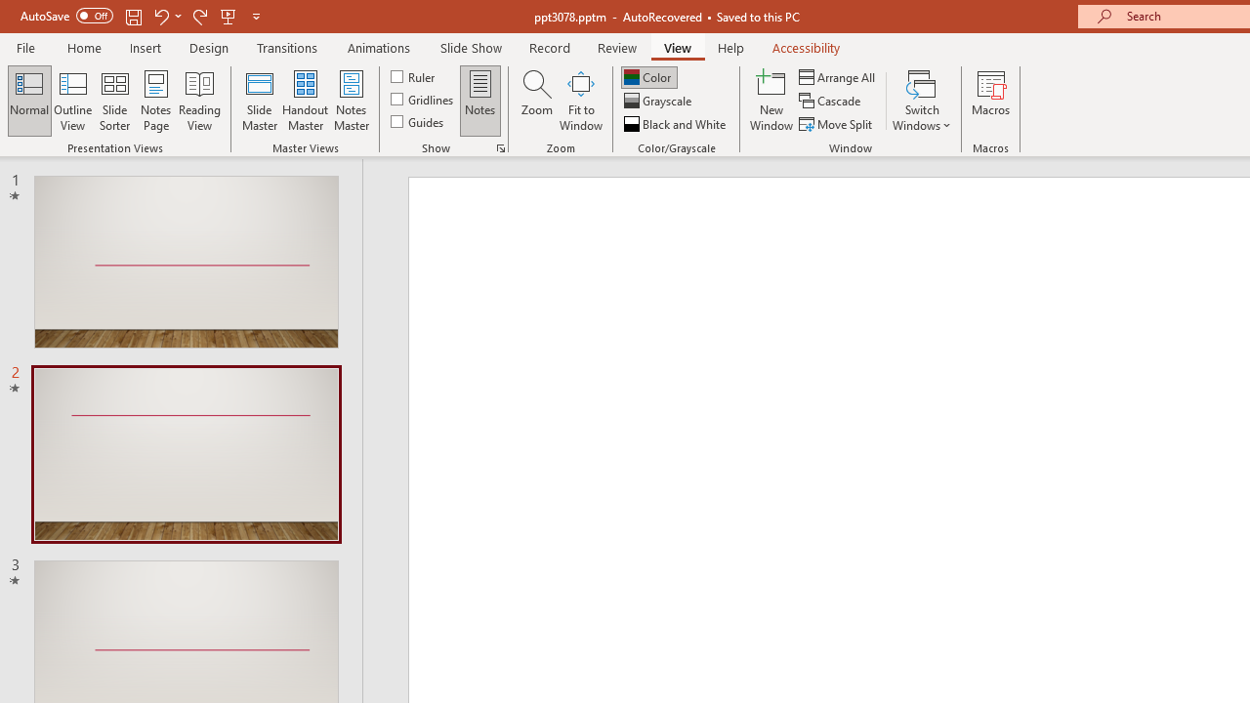 This screenshot has width=1250, height=703. I want to click on 'Fit to Window', so click(580, 101).